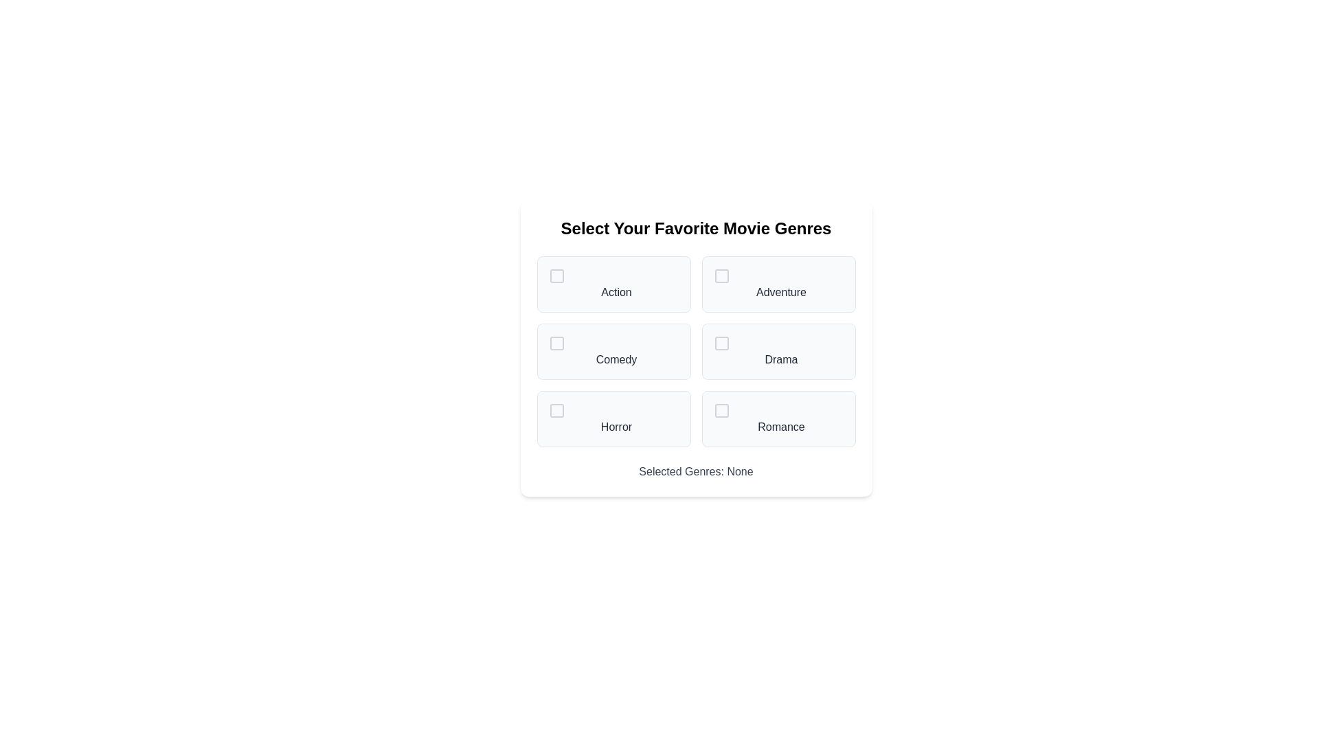  What do you see at coordinates (613, 351) in the screenshot?
I see `the genre Comedy to observe its hover effect` at bounding box center [613, 351].